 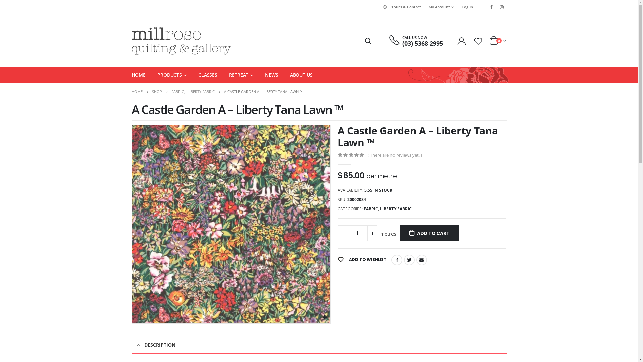 I want to click on 'Log In', so click(x=467, y=7).